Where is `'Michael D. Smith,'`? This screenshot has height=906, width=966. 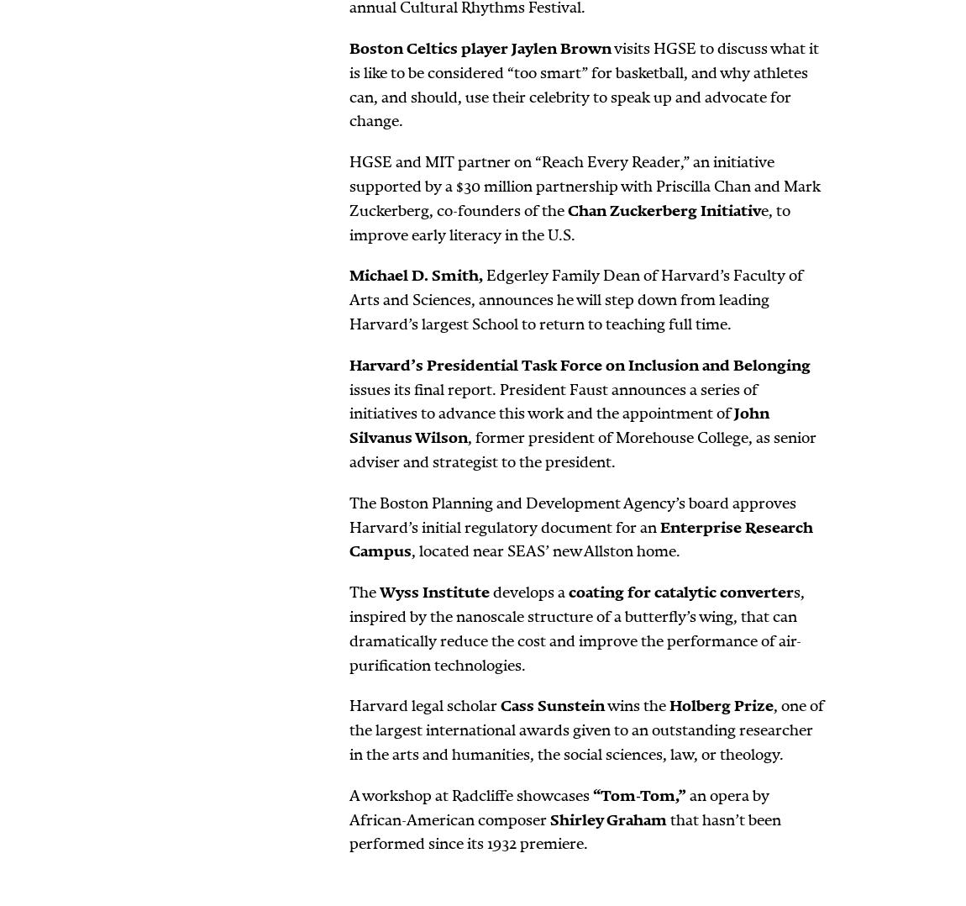 'Michael D. Smith,' is located at coordinates (416, 275).